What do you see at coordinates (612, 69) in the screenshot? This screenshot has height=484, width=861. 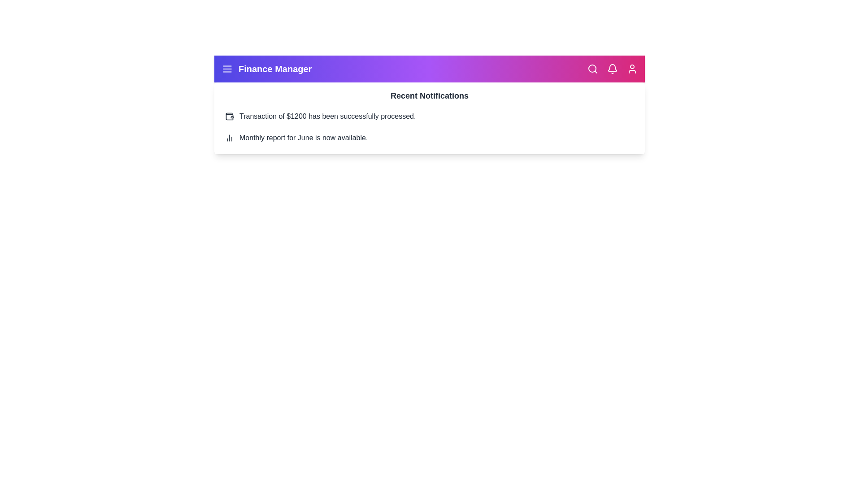 I see `the bell icon to toggle the notification bar visibility` at bounding box center [612, 69].